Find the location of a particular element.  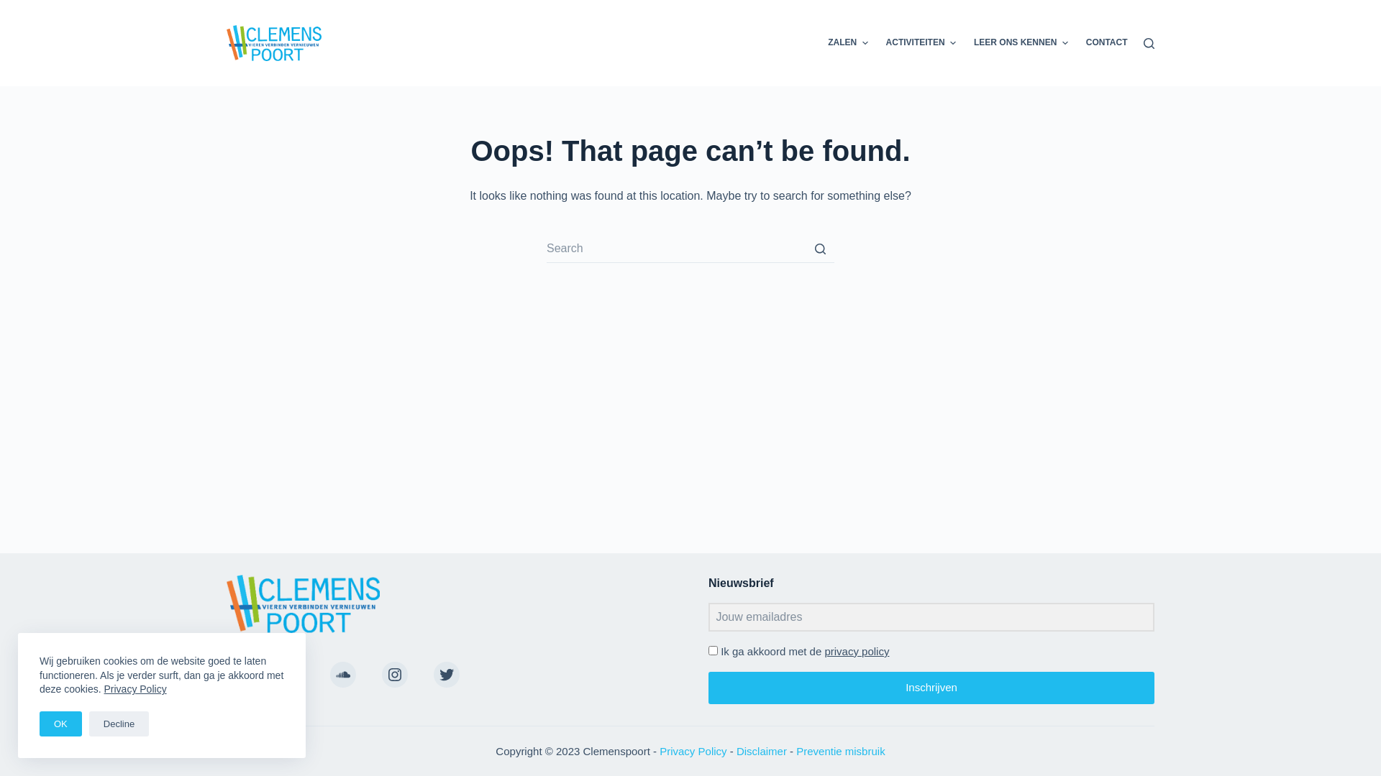

'Privacy Policy' is located at coordinates (135, 688).